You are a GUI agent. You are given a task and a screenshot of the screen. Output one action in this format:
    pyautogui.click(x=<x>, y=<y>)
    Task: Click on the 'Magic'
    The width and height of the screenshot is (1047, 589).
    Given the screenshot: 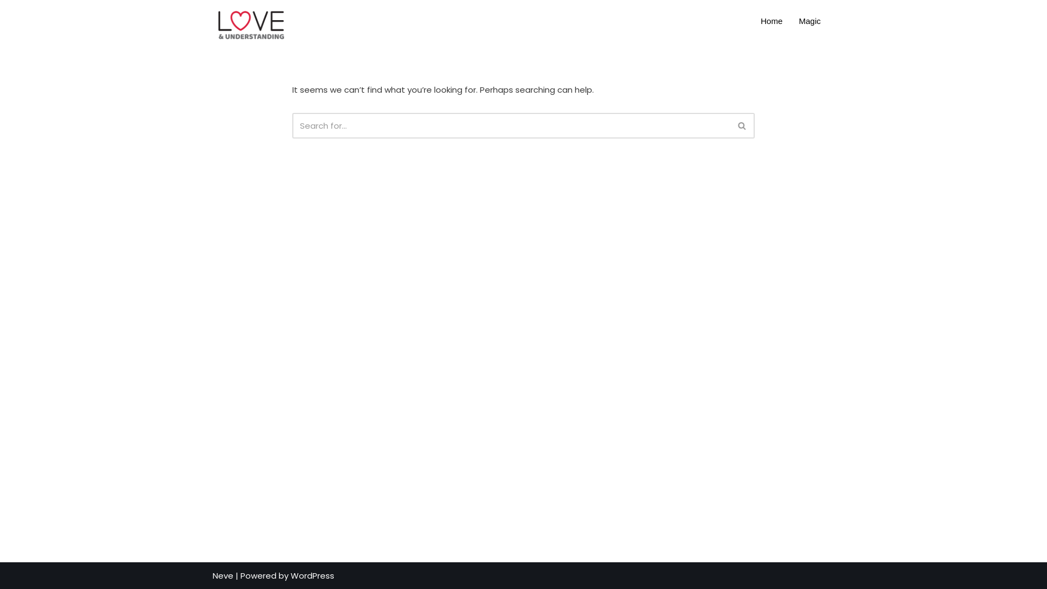 What is the action you would take?
    pyautogui.click(x=790, y=21)
    